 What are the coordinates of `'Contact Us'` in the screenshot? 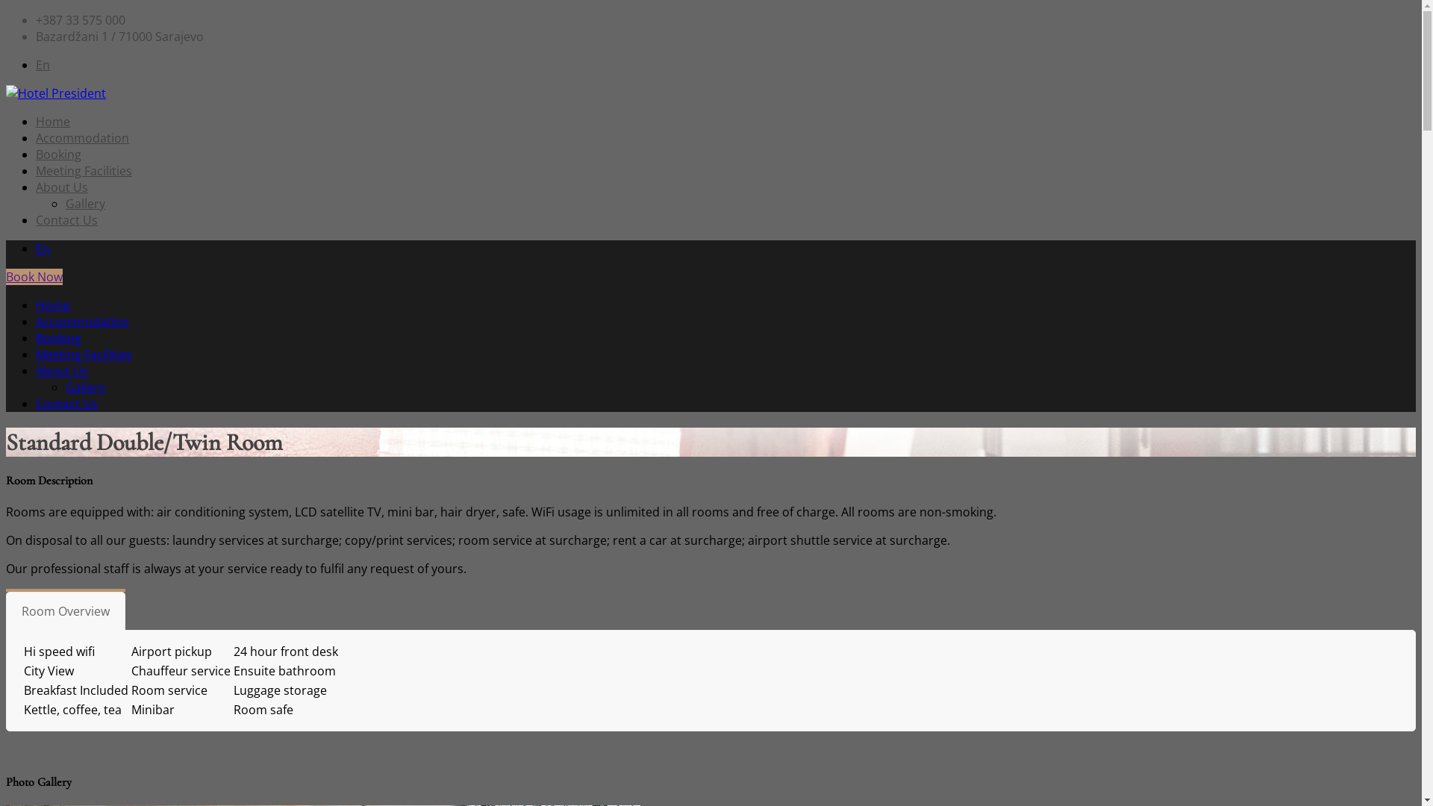 It's located at (66, 403).